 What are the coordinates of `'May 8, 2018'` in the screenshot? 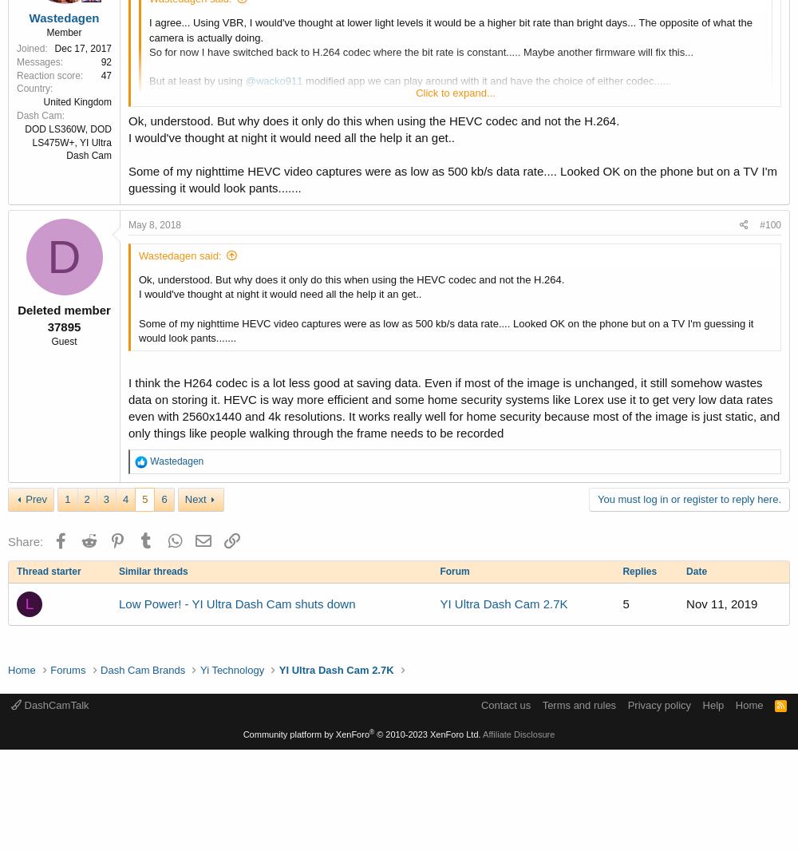 It's located at (154, 224).